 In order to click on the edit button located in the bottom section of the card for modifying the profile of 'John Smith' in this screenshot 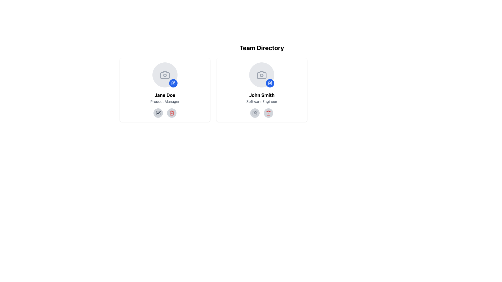, I will do `click(255, 113)`.